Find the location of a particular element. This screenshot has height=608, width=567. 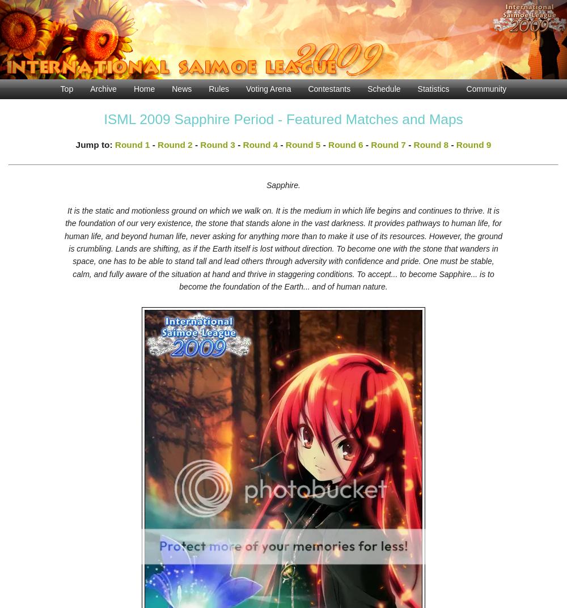

'Round 4' is located at coordinates (260, 143).